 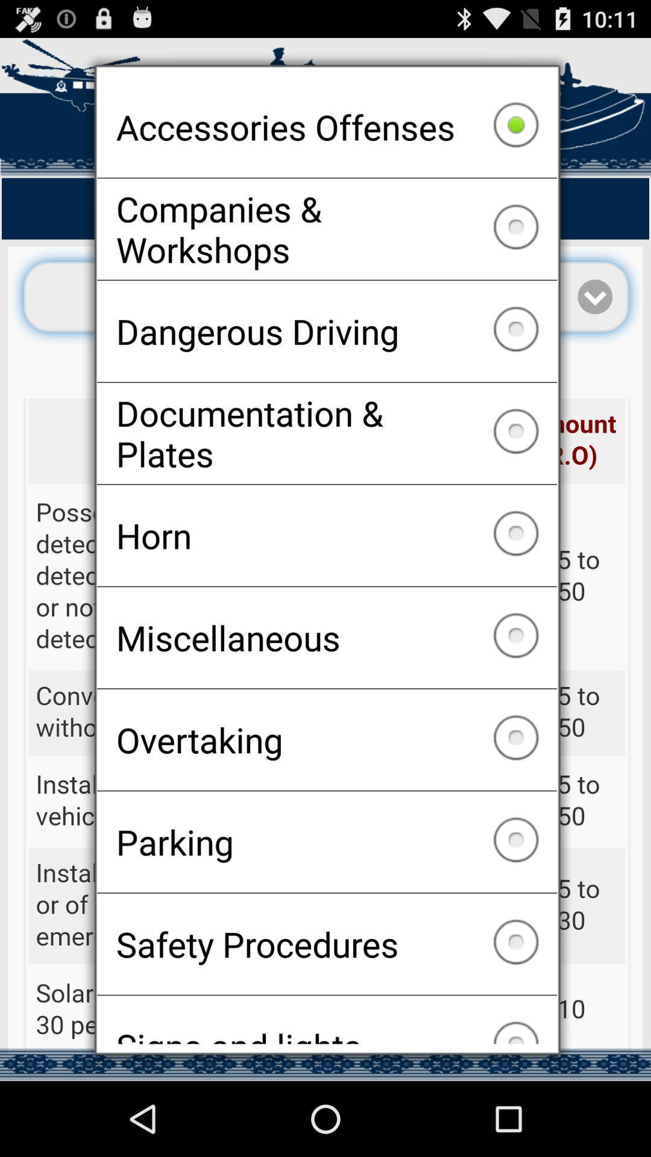 What do you see at coordinates (327, 739) in the screenshot?
I see `the overtaking` at bounding box center [327, 739].